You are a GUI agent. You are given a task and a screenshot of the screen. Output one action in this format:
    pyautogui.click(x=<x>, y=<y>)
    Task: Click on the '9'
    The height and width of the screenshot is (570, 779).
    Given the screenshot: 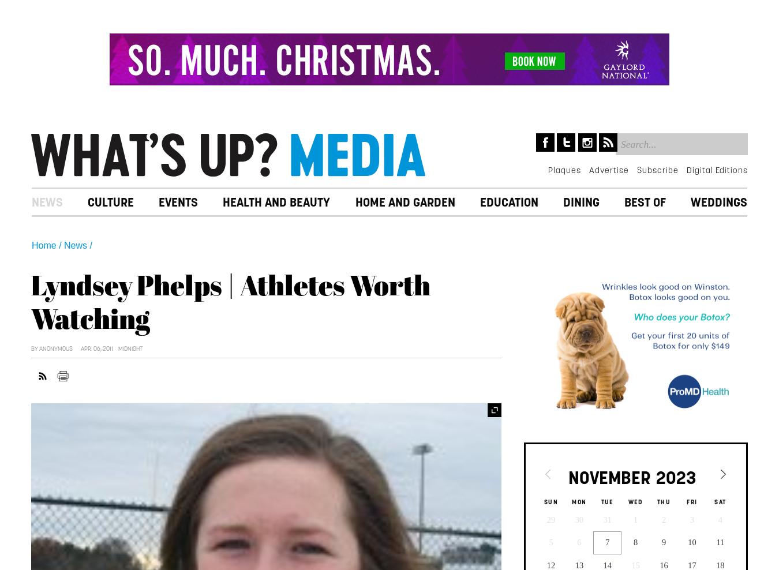 What is the action you would take?
    pyautogui.click(x=663, y=542)
    